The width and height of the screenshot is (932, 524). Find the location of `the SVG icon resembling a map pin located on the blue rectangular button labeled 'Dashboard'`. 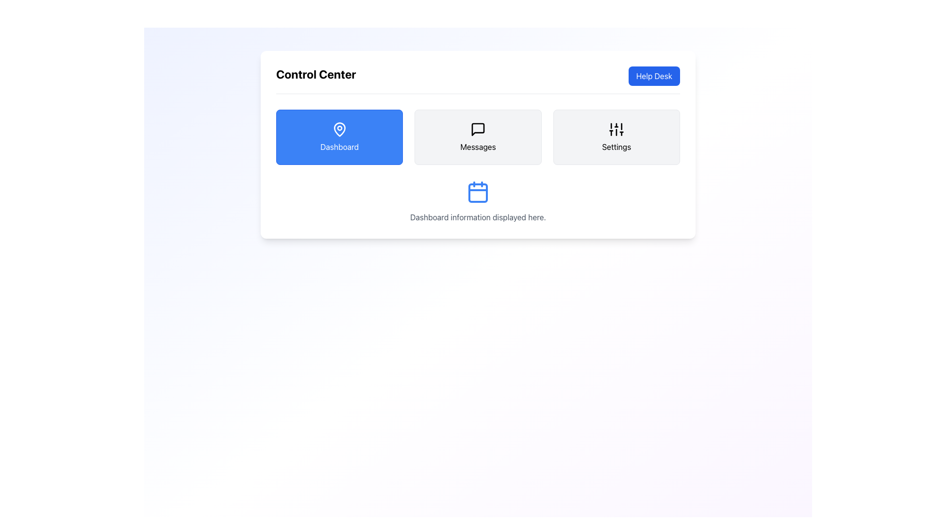

the SVG icon resembling a map pin located on the blue rectangular button labeled 'Dashboard' is located at coordinates (339, 129).